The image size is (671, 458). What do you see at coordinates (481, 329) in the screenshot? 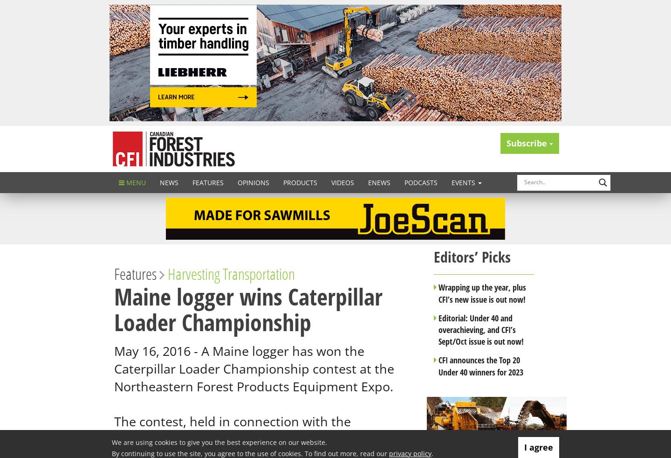
I see `'Editorial: Under 40 and overachieving, and CFI’s Sept/Oct issue is out now!'` at bounding box center [481, 329].